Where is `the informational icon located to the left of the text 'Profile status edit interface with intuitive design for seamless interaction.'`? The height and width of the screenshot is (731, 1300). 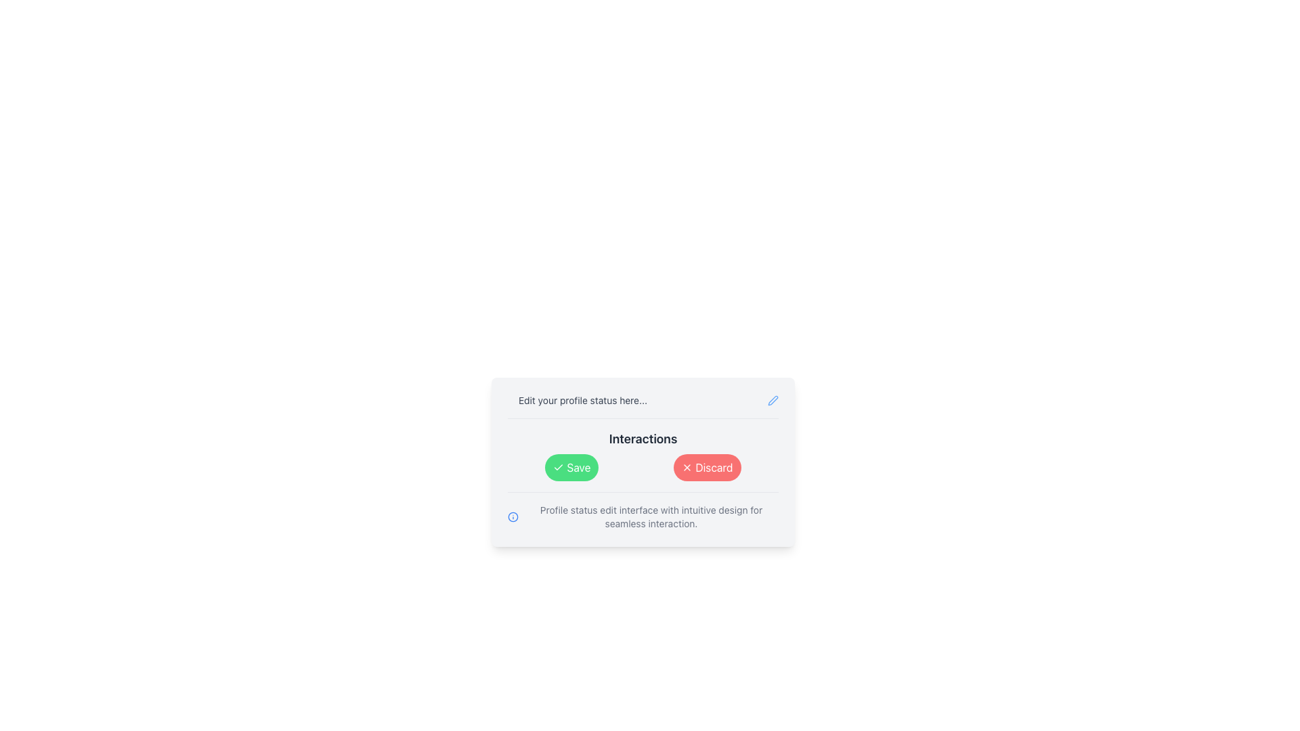 the informational icon located to the left of the text 'Profile status edit interface with intuitive design for seamless interaction.' is located at coordinates (513, 516).